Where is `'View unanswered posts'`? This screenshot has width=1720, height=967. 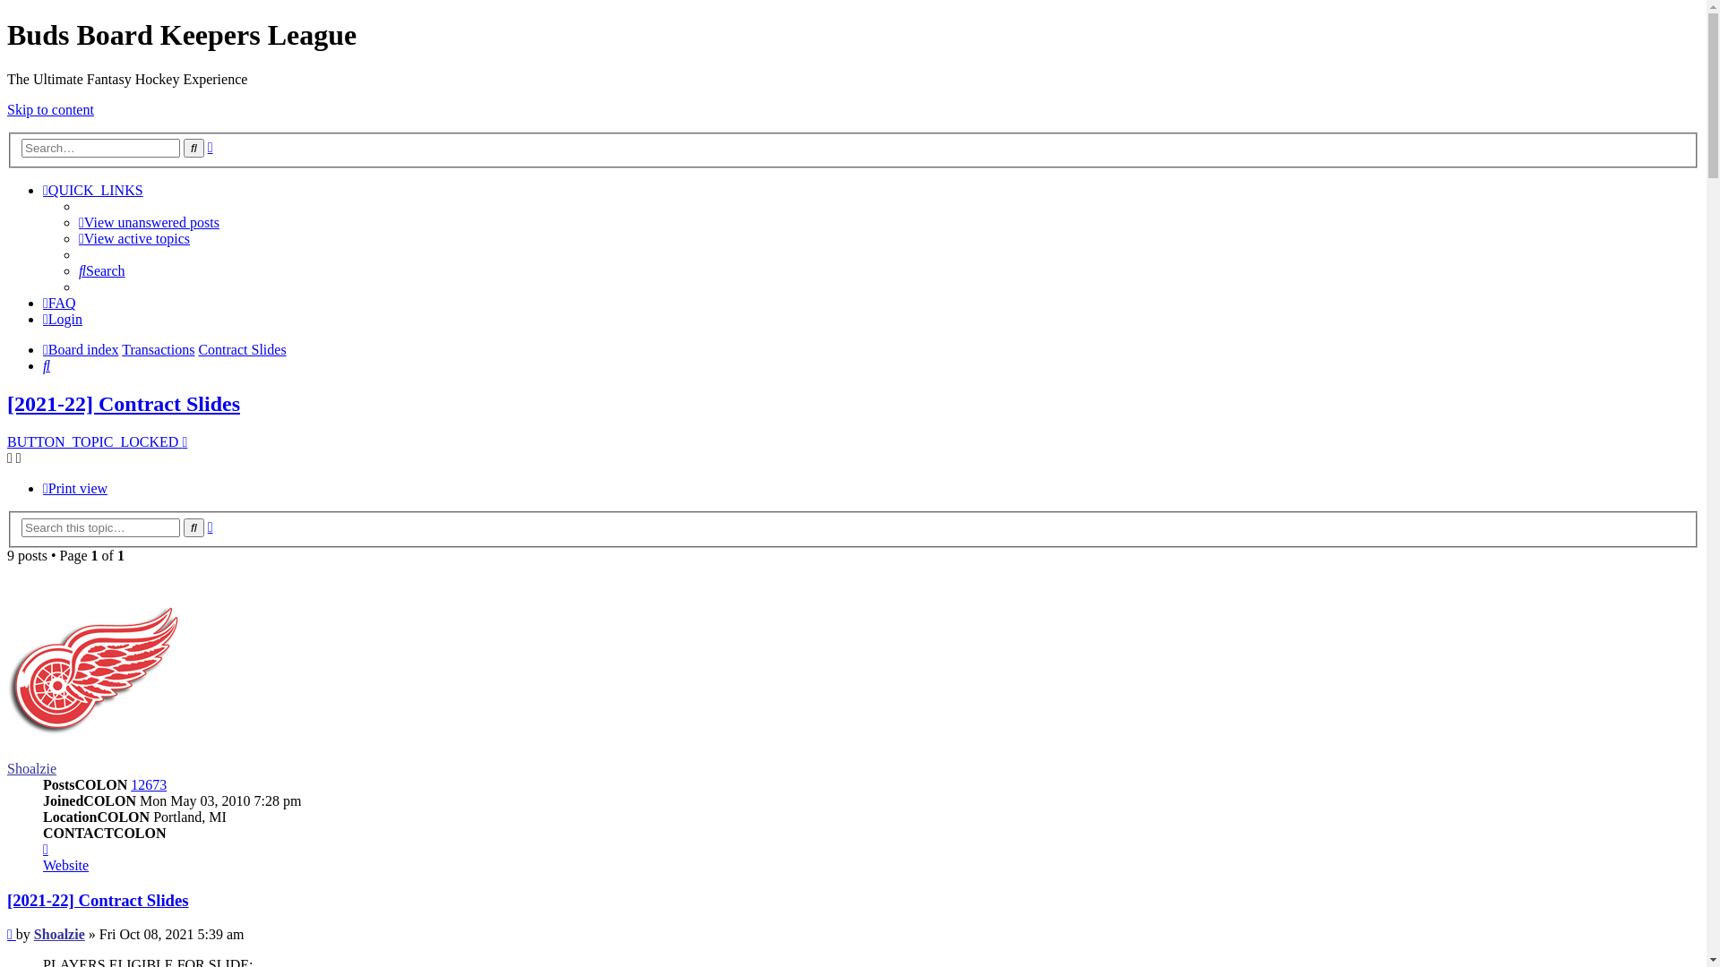
'View unanswered posts' is located at coordinates (77, 221).